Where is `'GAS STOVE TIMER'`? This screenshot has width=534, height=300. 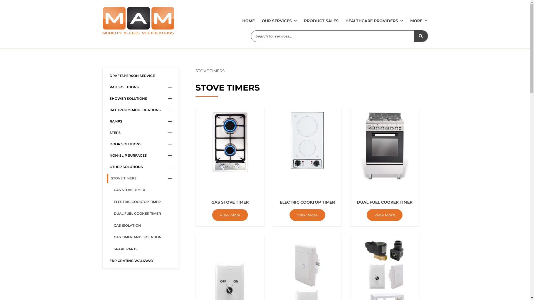
'GAS STOVE TIMER' is located at coordinates (230, 145).